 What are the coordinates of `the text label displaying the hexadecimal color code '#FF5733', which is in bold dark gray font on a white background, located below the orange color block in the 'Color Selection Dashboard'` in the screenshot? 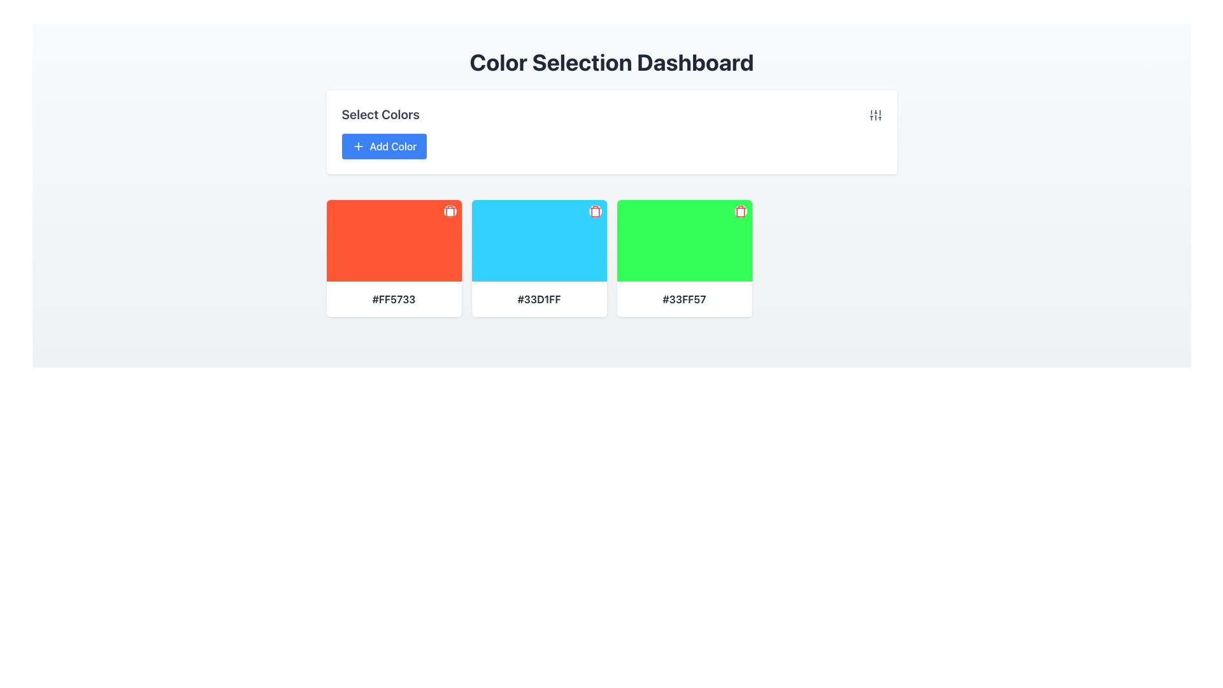 It's located at (393, 299).